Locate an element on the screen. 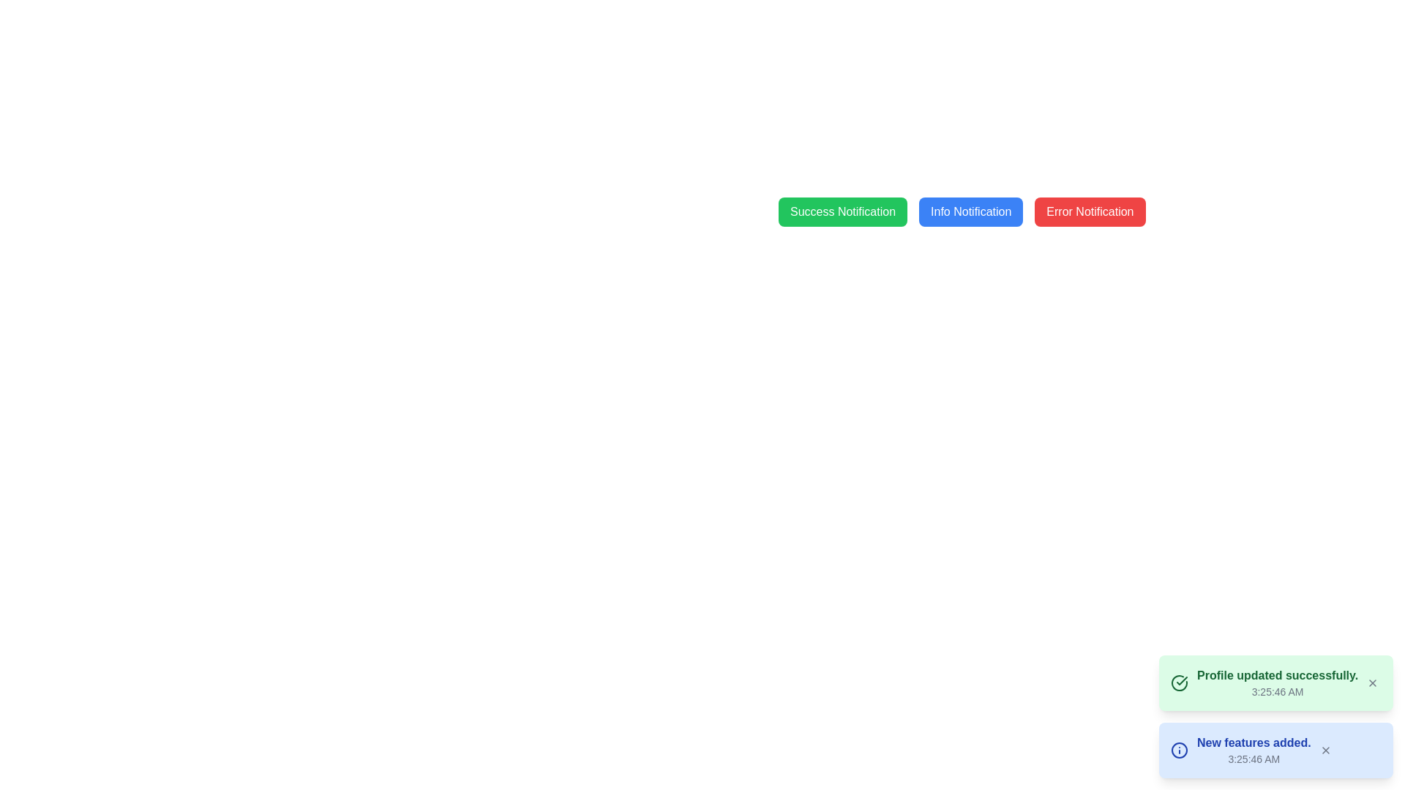 Image resolution: width=1405 pixels, height=790 pixels. the dismiss button located at the far-right edge of the blue notification box containing the text 'New features added.' and '3:25:46 AM' is located at coordinates (1325, 750).